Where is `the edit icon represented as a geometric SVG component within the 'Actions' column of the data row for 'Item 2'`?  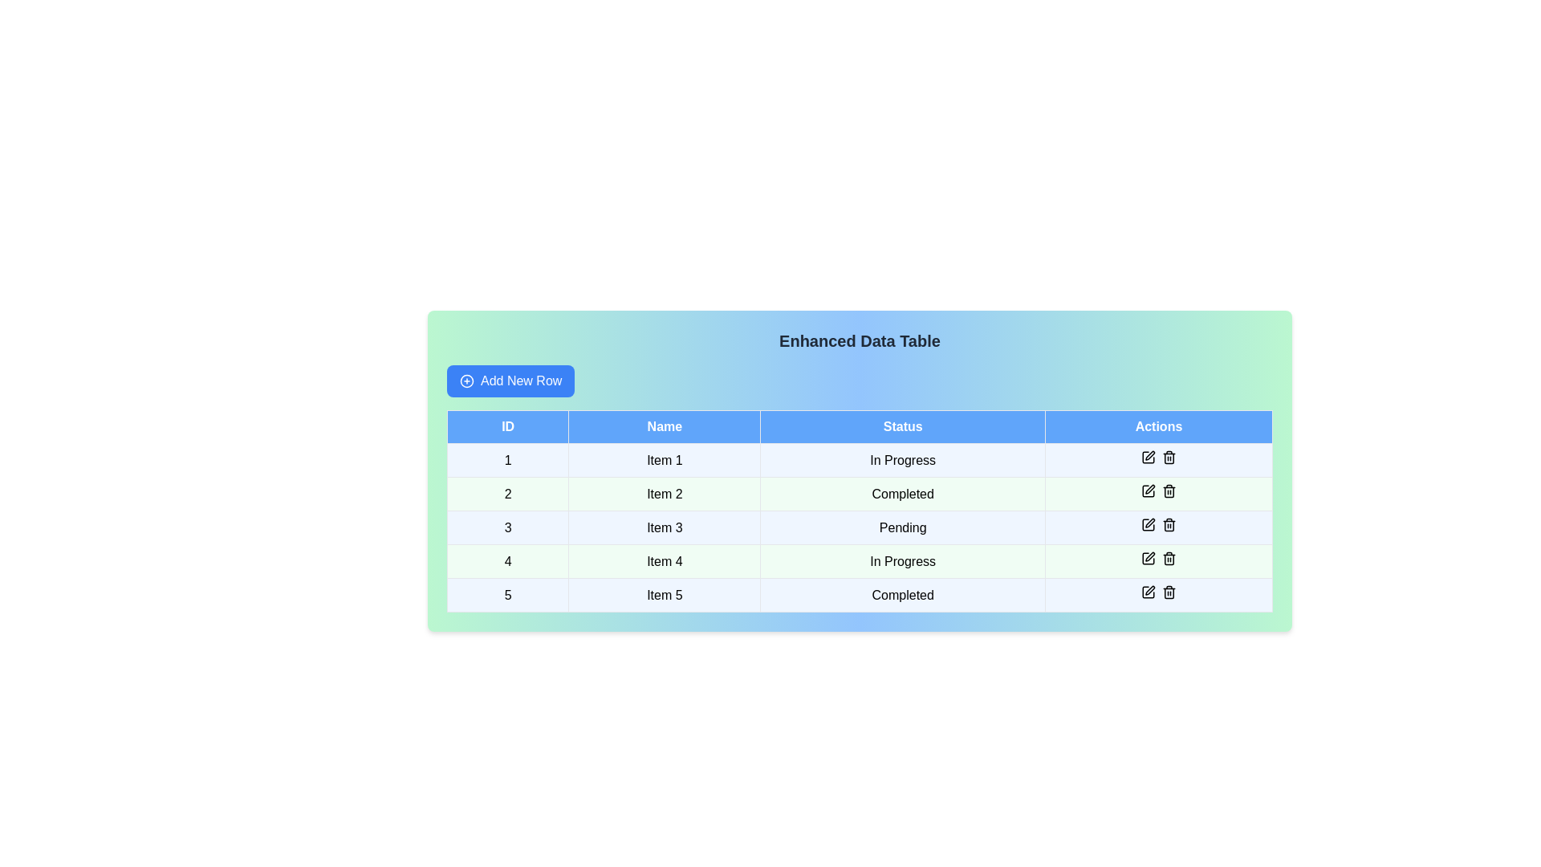 the edit icon represented as a geometric SVG component within the 'Actions' column of the data row for 'Item 2' is located at coordinates (1147, 490).